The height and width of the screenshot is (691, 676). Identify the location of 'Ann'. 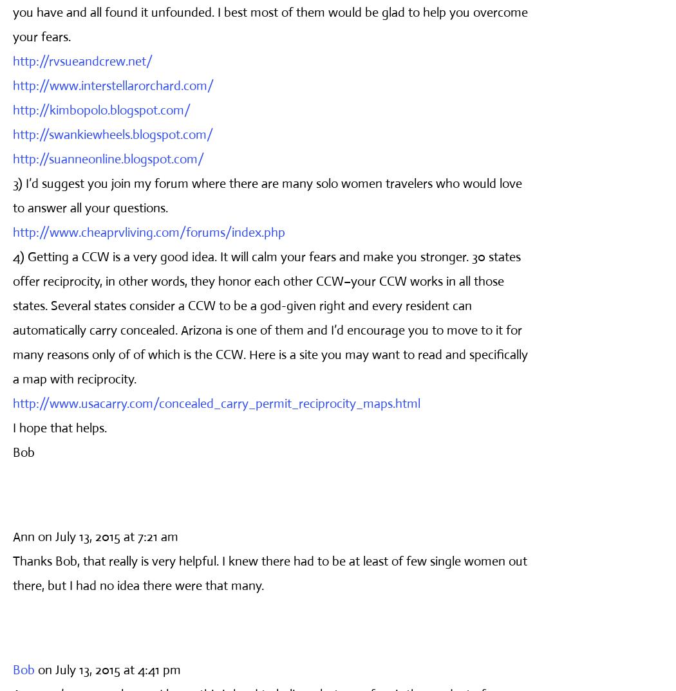
(12, 536).